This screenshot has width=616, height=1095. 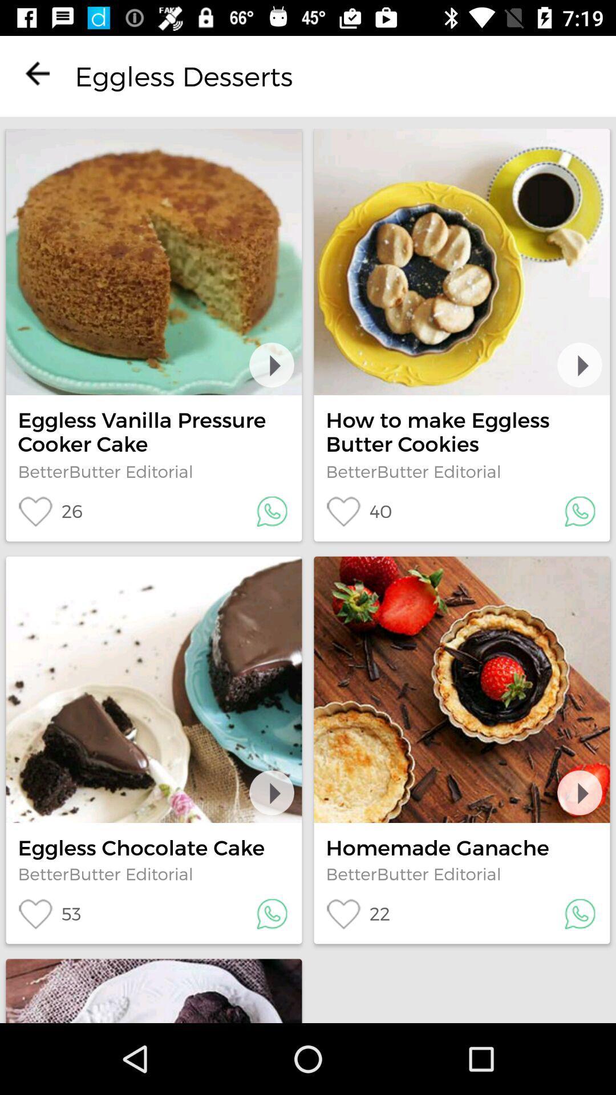 What do you see at coordinates (37, 72) in the screenshot?
I see `the arrow_backward icon` at bounding box center [37, 72].